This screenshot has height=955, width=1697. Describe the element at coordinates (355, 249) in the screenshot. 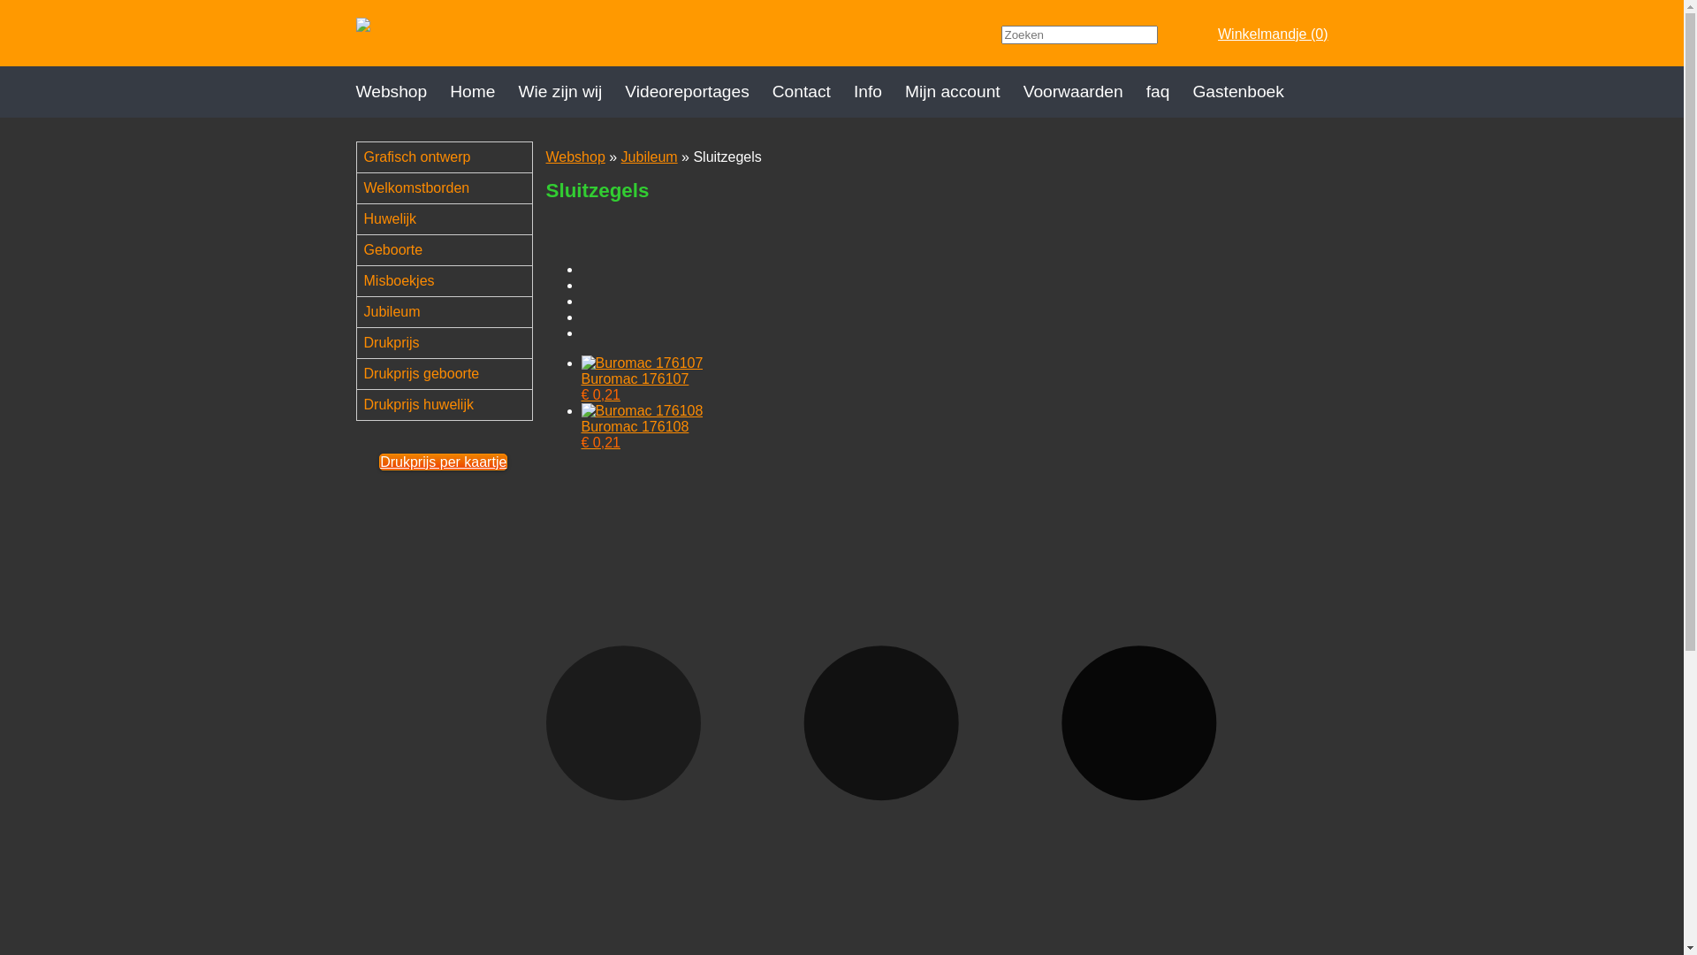

I see `'Geboorte'` at that location.